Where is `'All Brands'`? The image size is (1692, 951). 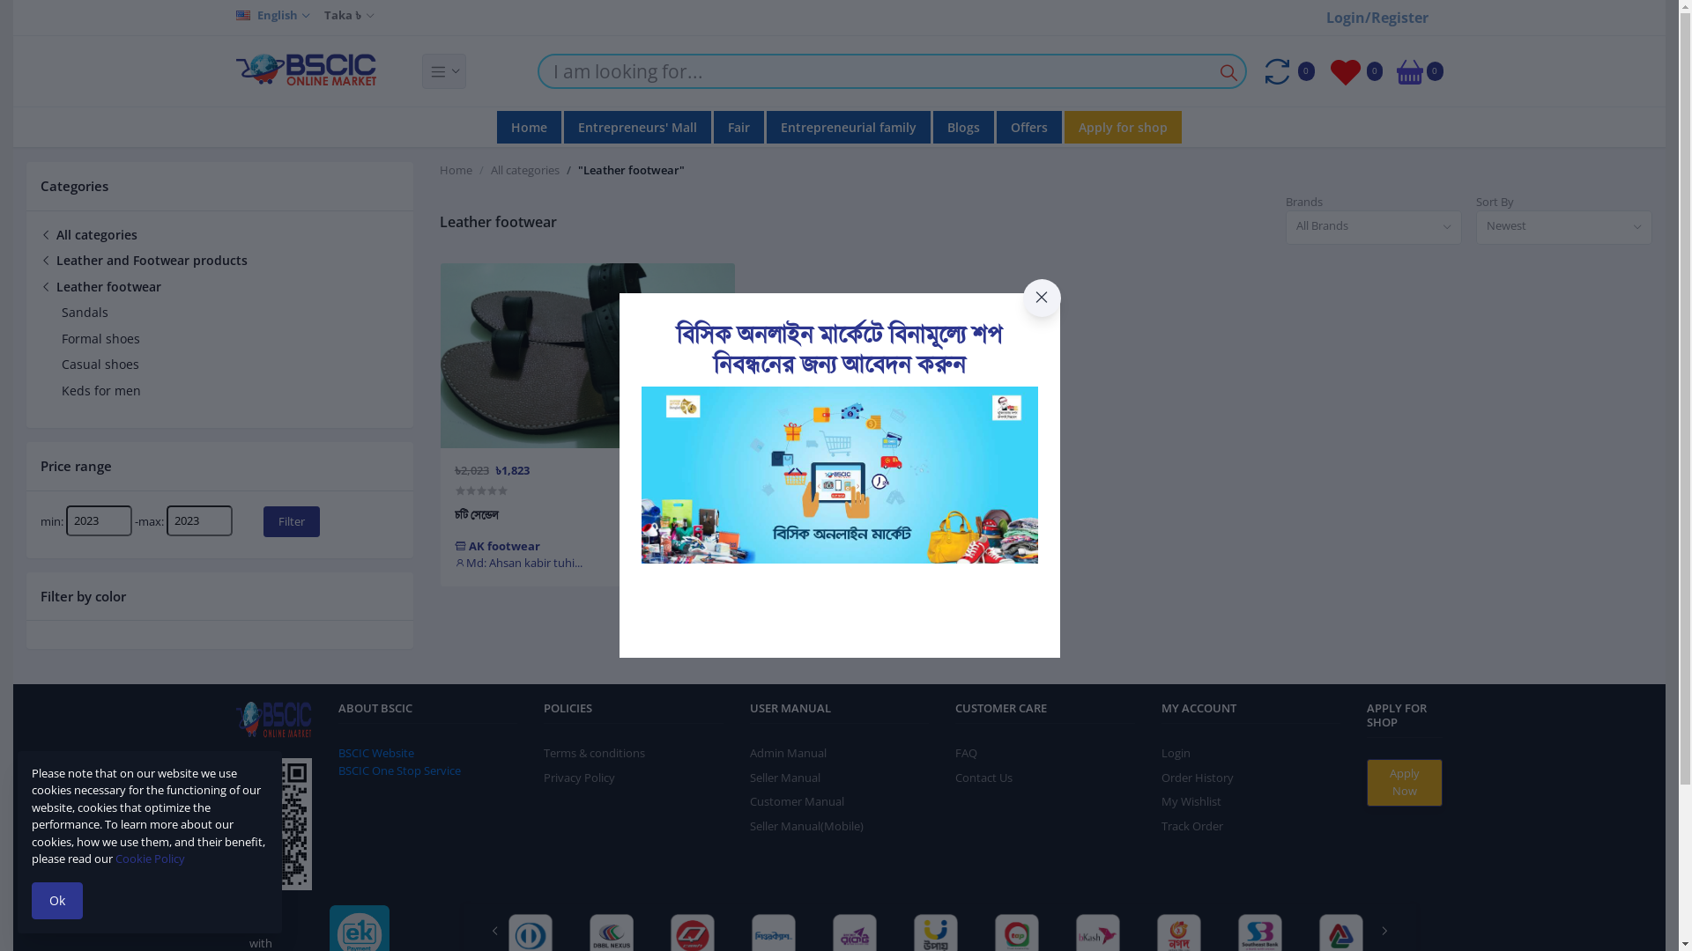
'All Brands' is located at coordinates (1373, 226).